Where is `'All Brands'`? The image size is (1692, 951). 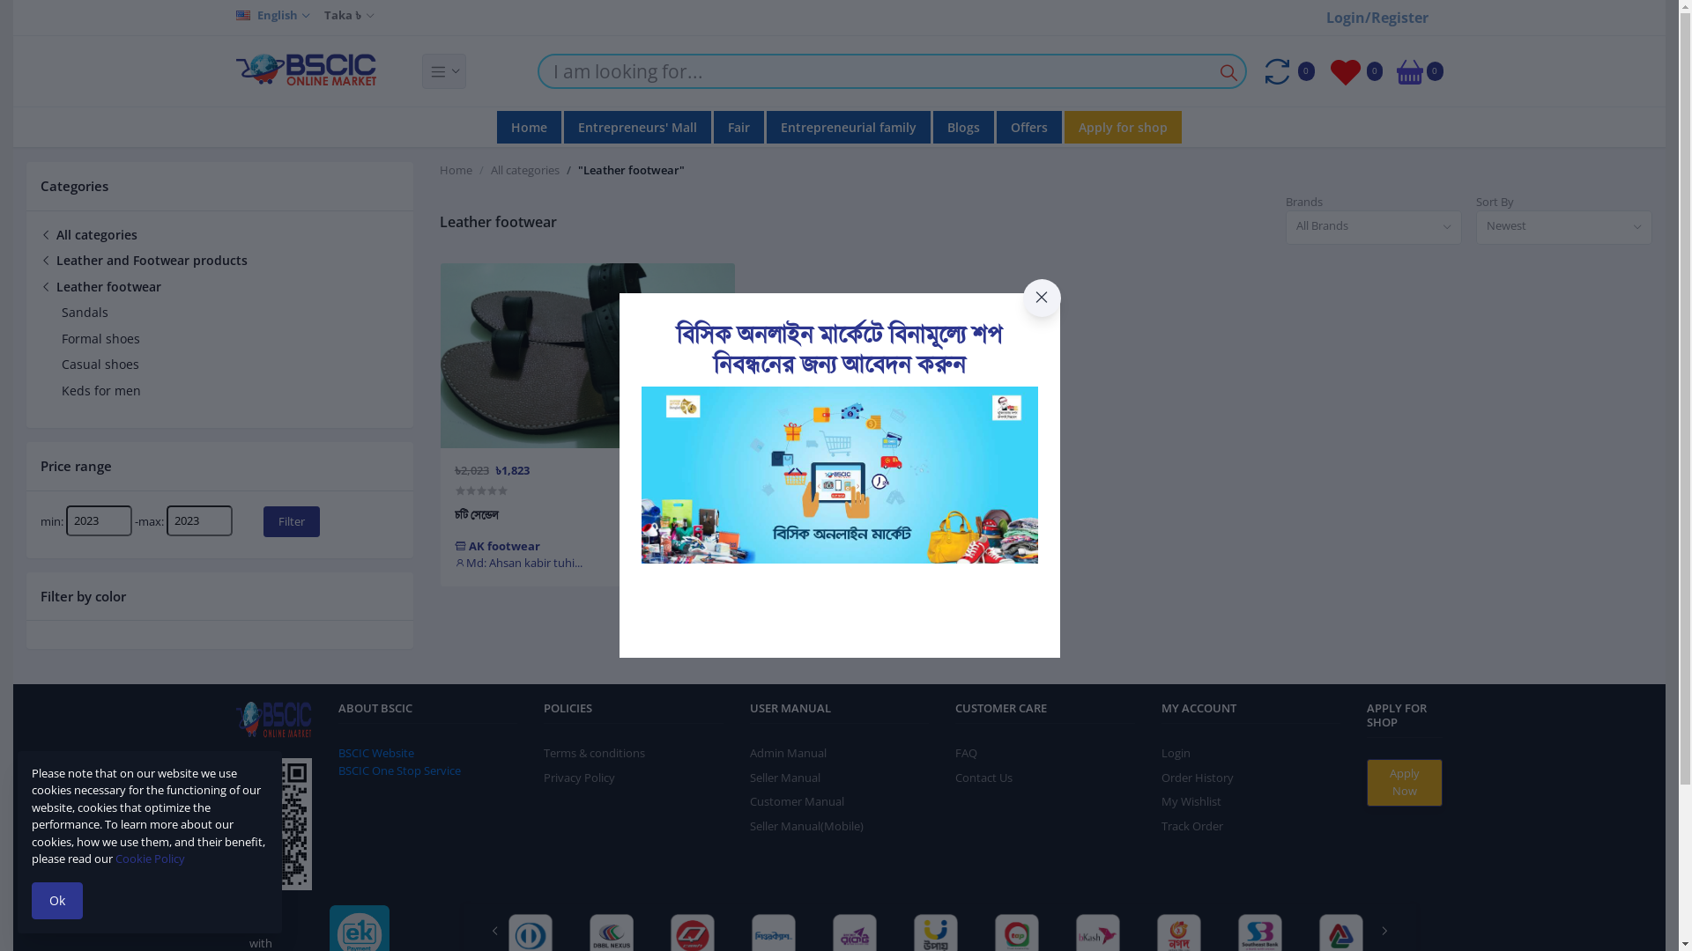
'All Brands' is located at coordinates (1373, 226).